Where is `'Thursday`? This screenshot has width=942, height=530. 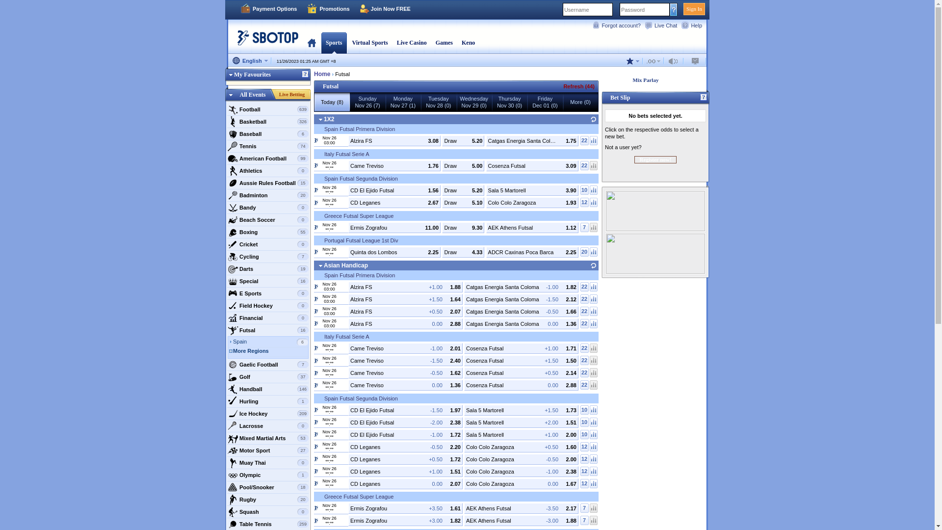 'Thursday is located at coordinates (509, 102).